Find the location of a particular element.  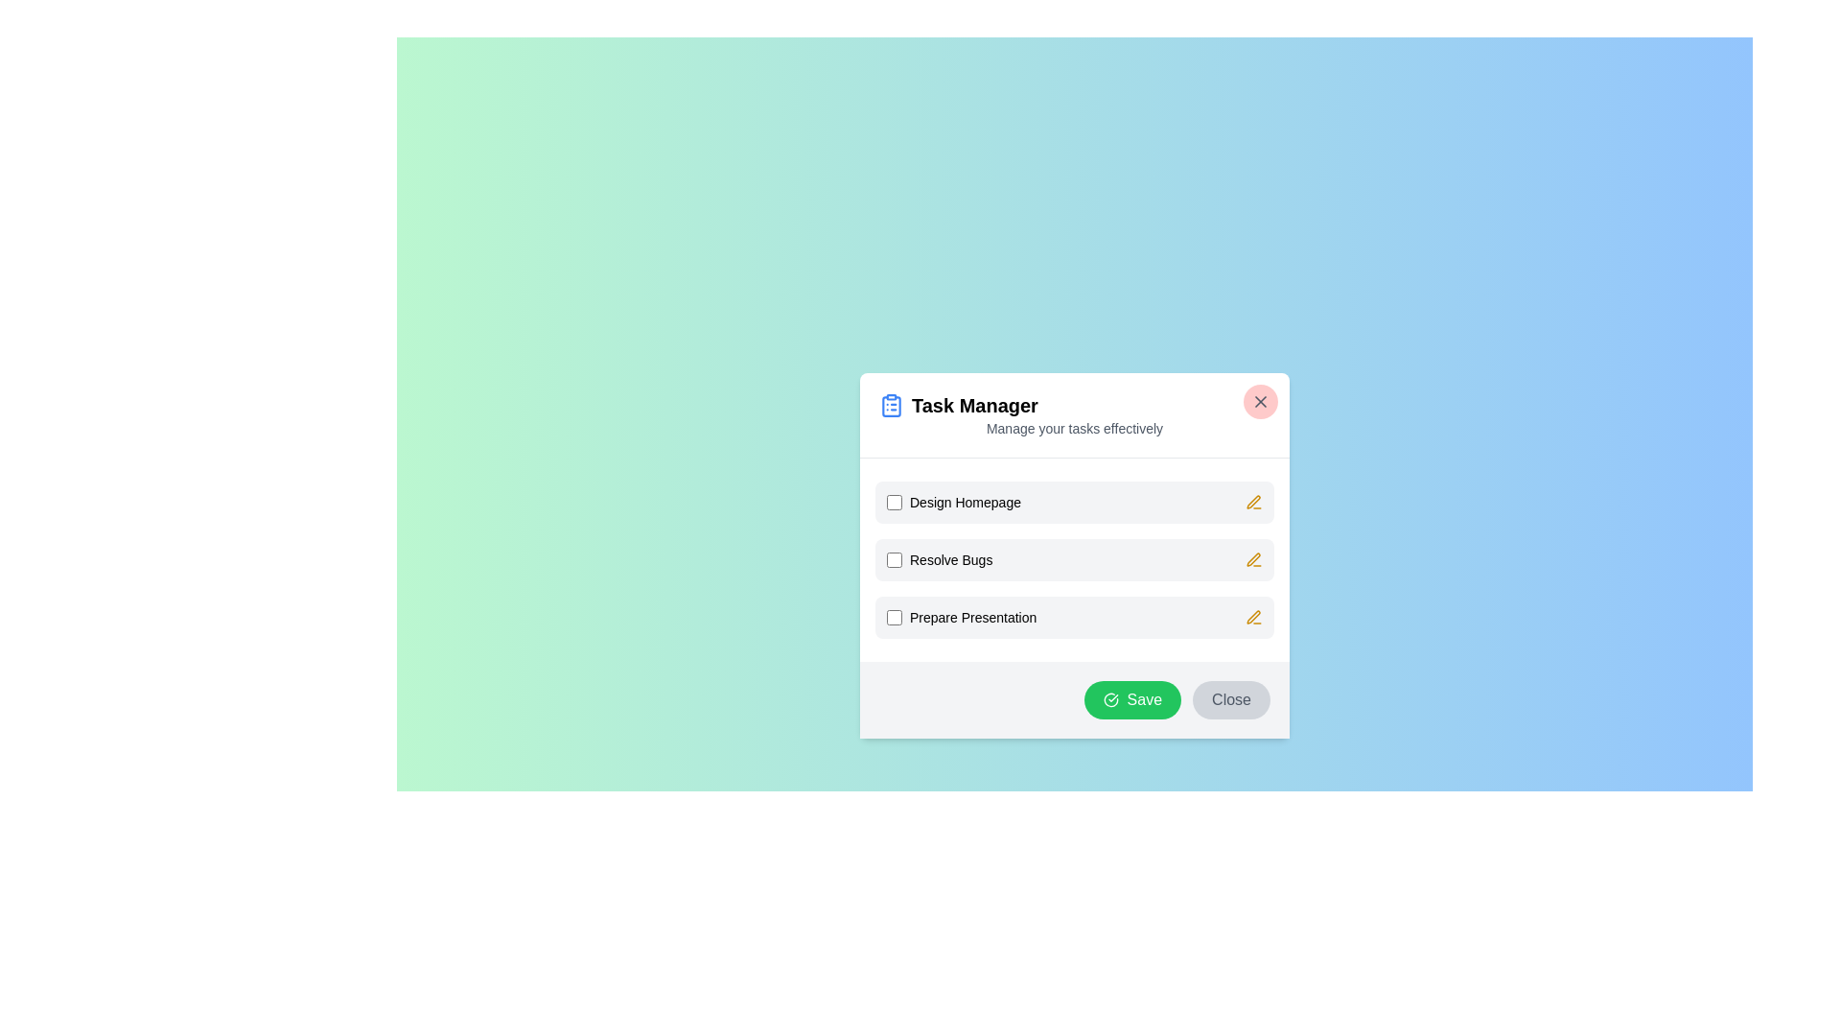

the active checkbox with a green outline located within the 'Prepare Presentation' group is located at coordinates (893, 617).